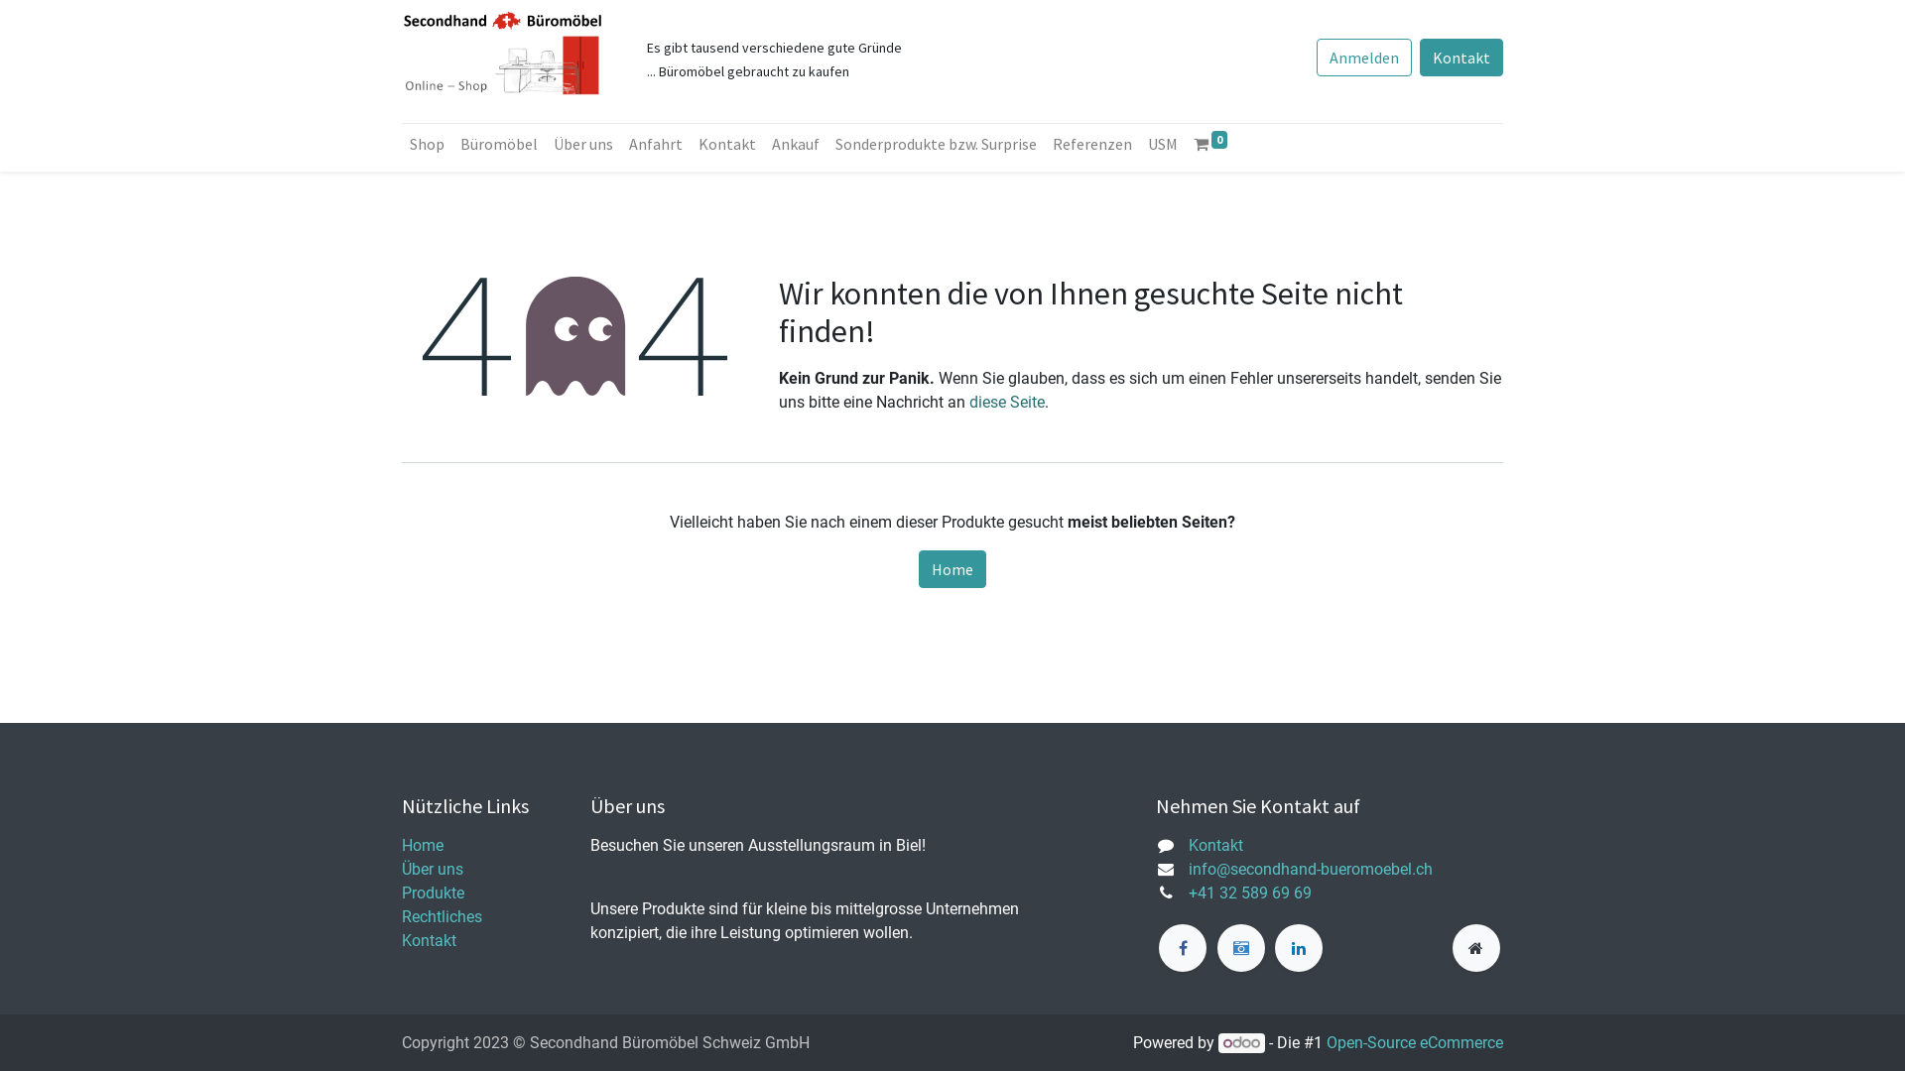 The height and width of the screenshot is (1071, 1905). Describe the element at coordinates (432, 892) in the screenshot. I see `'Produkte'` at that location.